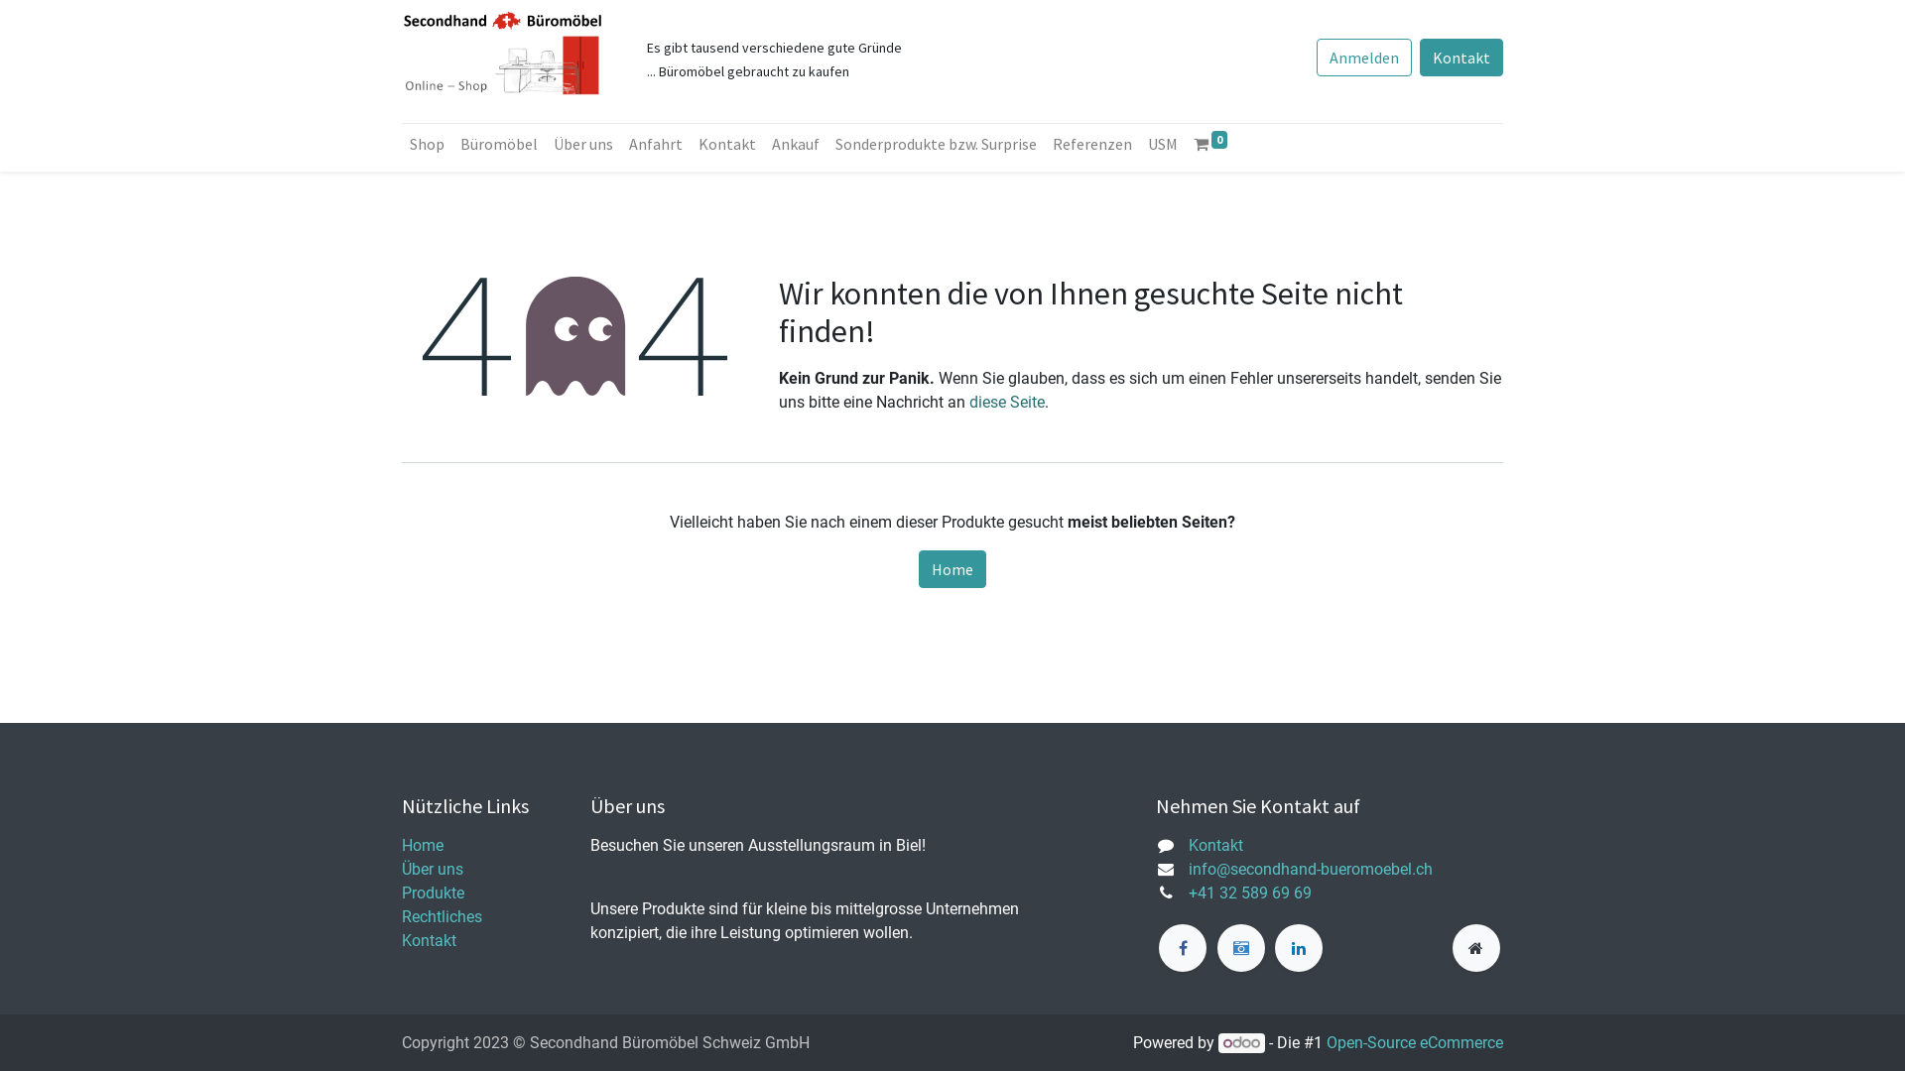 The height and width of the screenshot is (1071, 1905). Describe the element at coordinates (432, 892) in the screenshot. I see `'Produkte'` at that location.